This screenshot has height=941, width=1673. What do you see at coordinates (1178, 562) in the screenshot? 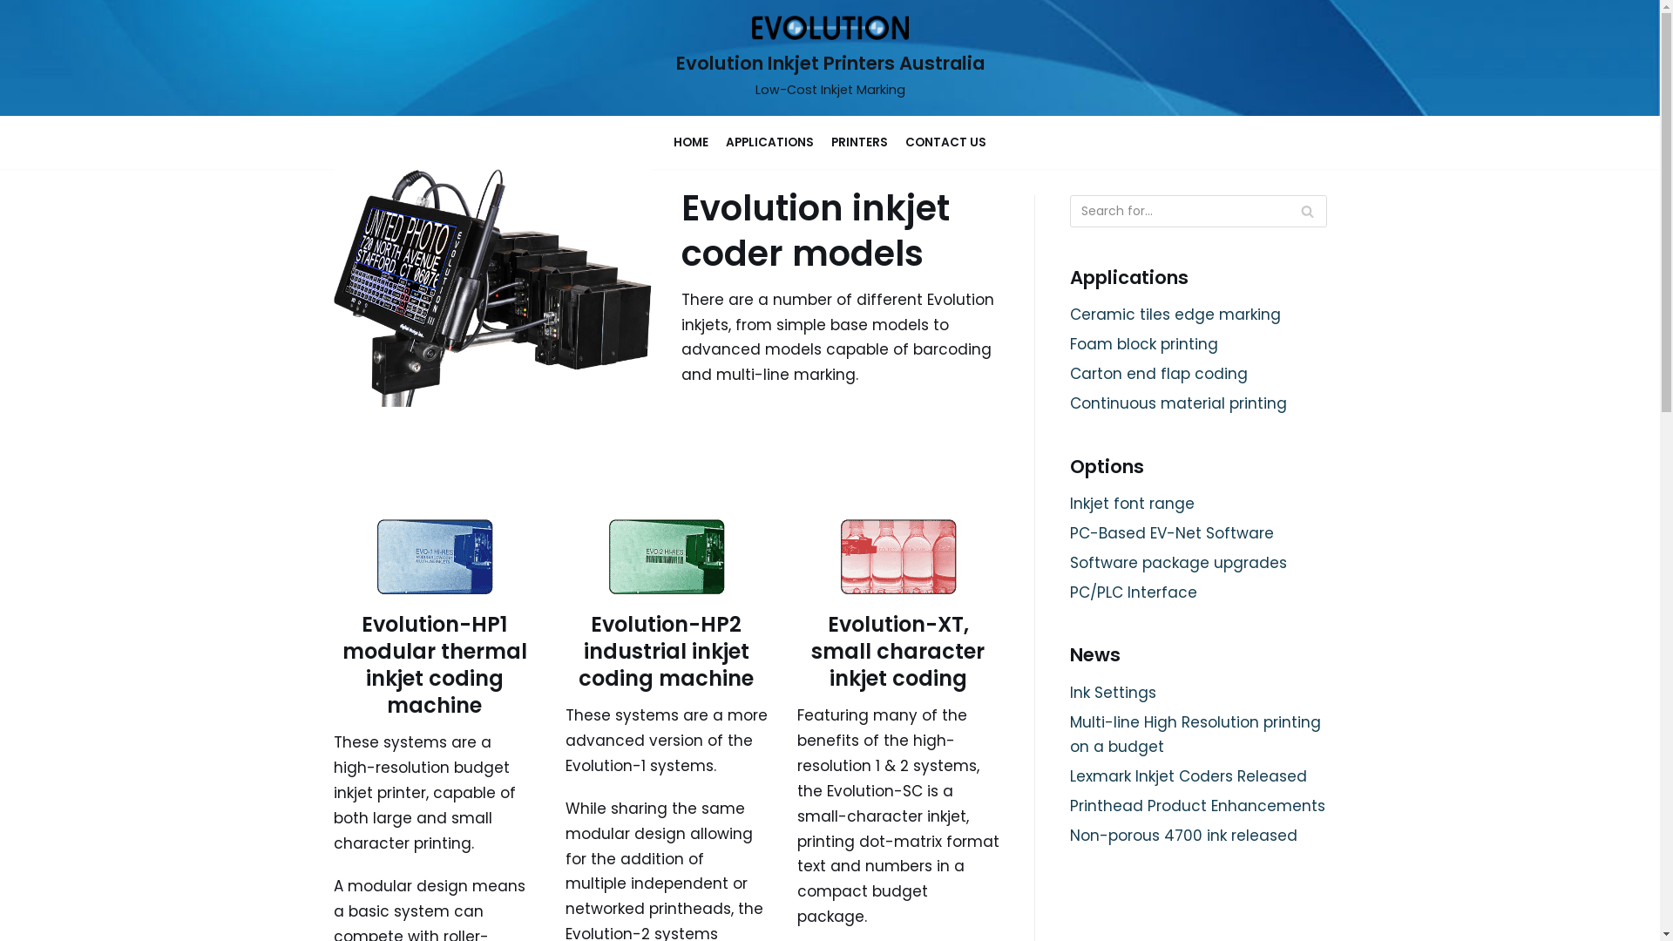
I see `'Software package upgrades'` at bounding box center [1178, 562].